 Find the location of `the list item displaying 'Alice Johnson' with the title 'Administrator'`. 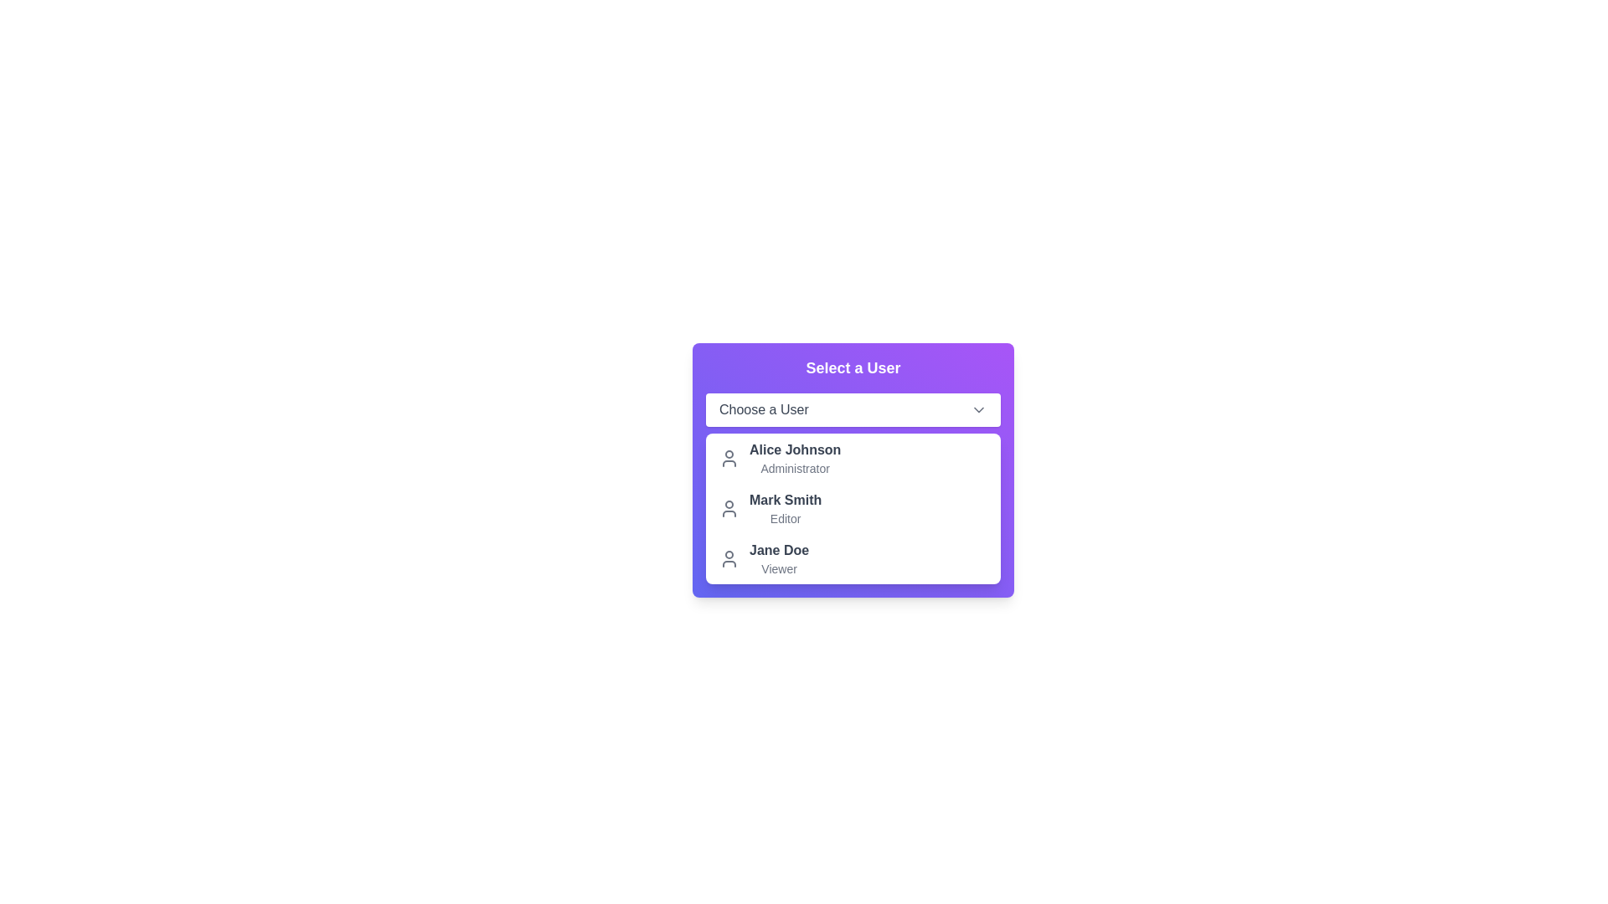

the list item displaying 'Alice Johnson' with the title 'Administrator' is located at coordinates (779, 458).